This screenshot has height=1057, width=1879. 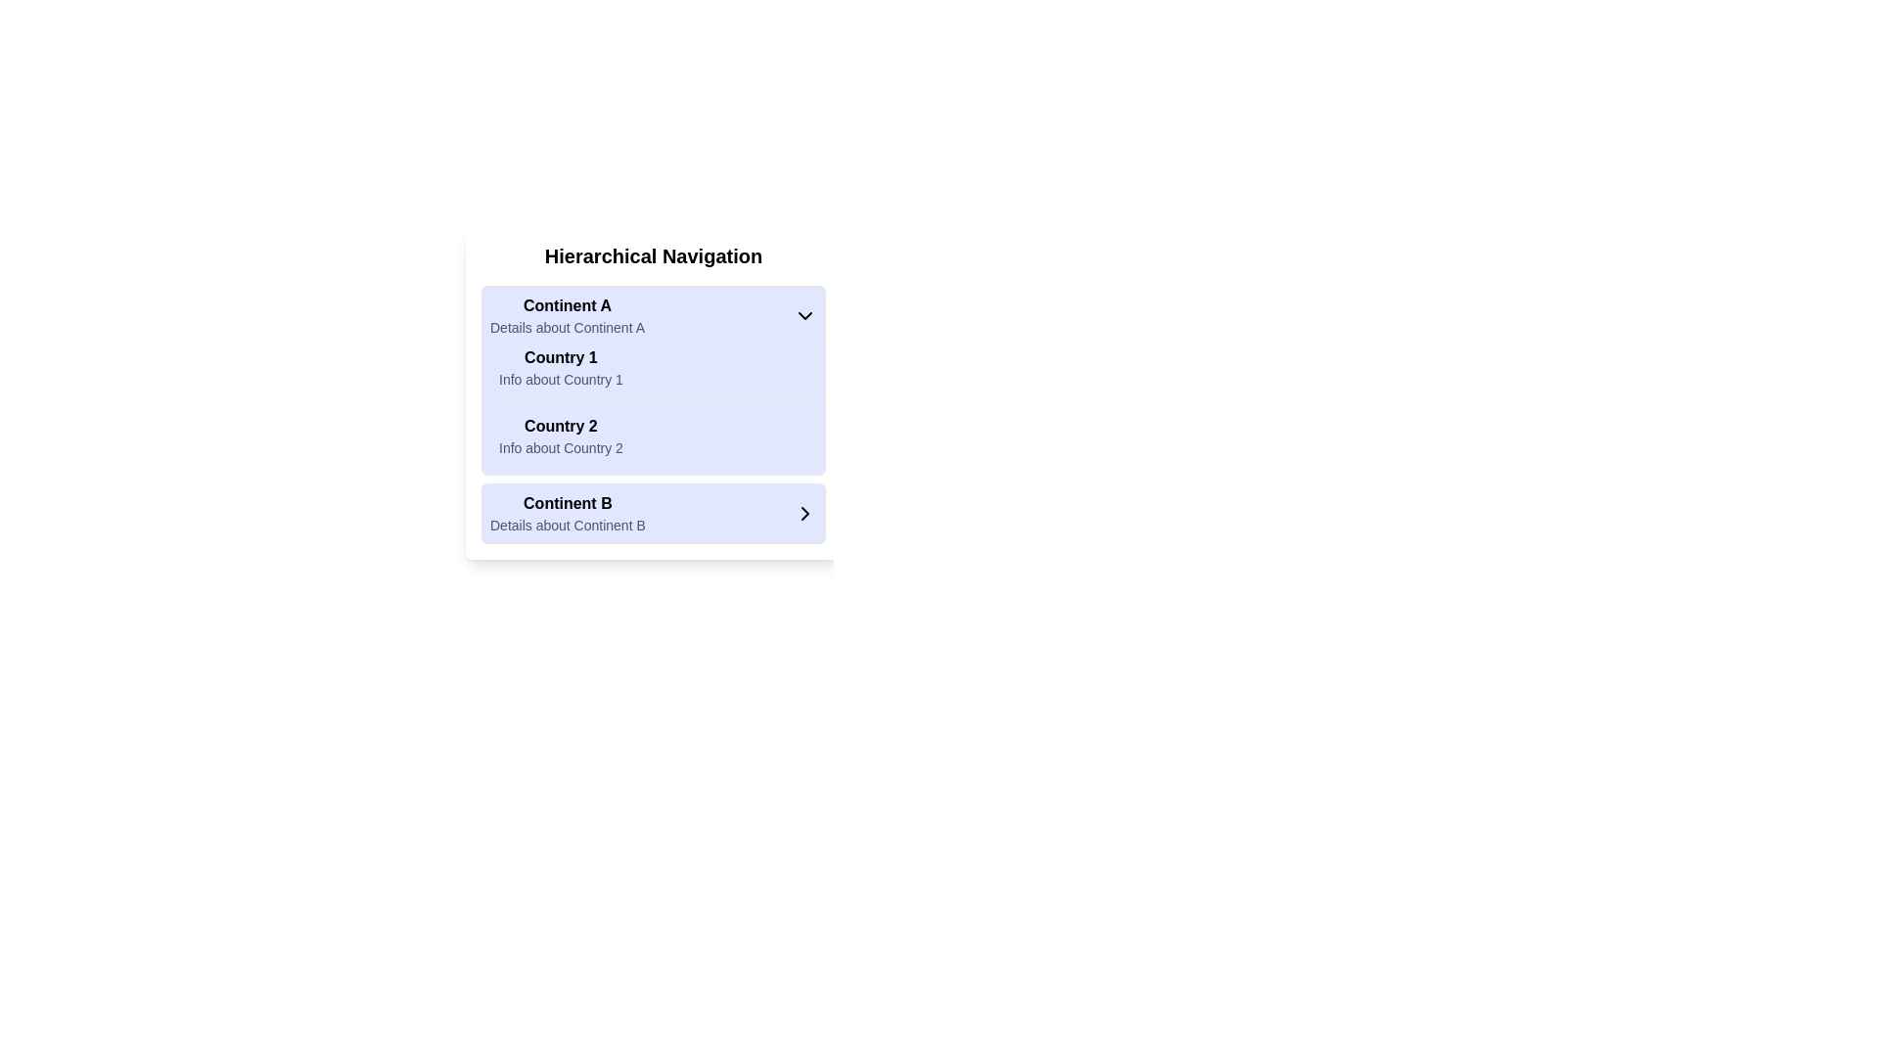 What do you see at coordinates (567, 305) in the screenshot?
I see `the Text label that serves as a heading for the associated detail below, positioned at the top of its grouping` at bounding box center [567, 305].